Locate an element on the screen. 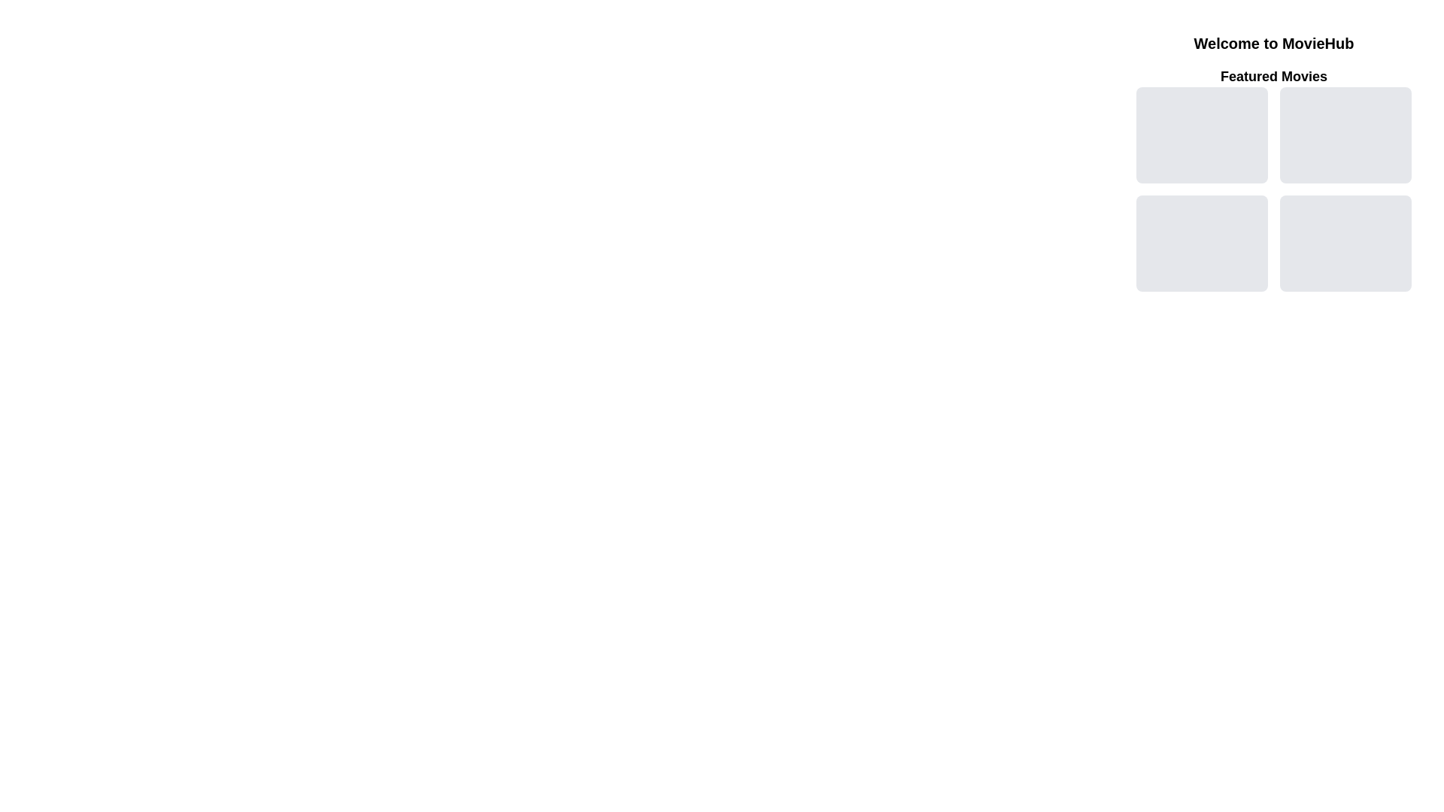 Image resolution: width=1444 pixels, height=812 pixels. the house-shaped icon at the bottom center of the interface, which indicates the 'Home' functionality is located at coordinates (1169, 799).